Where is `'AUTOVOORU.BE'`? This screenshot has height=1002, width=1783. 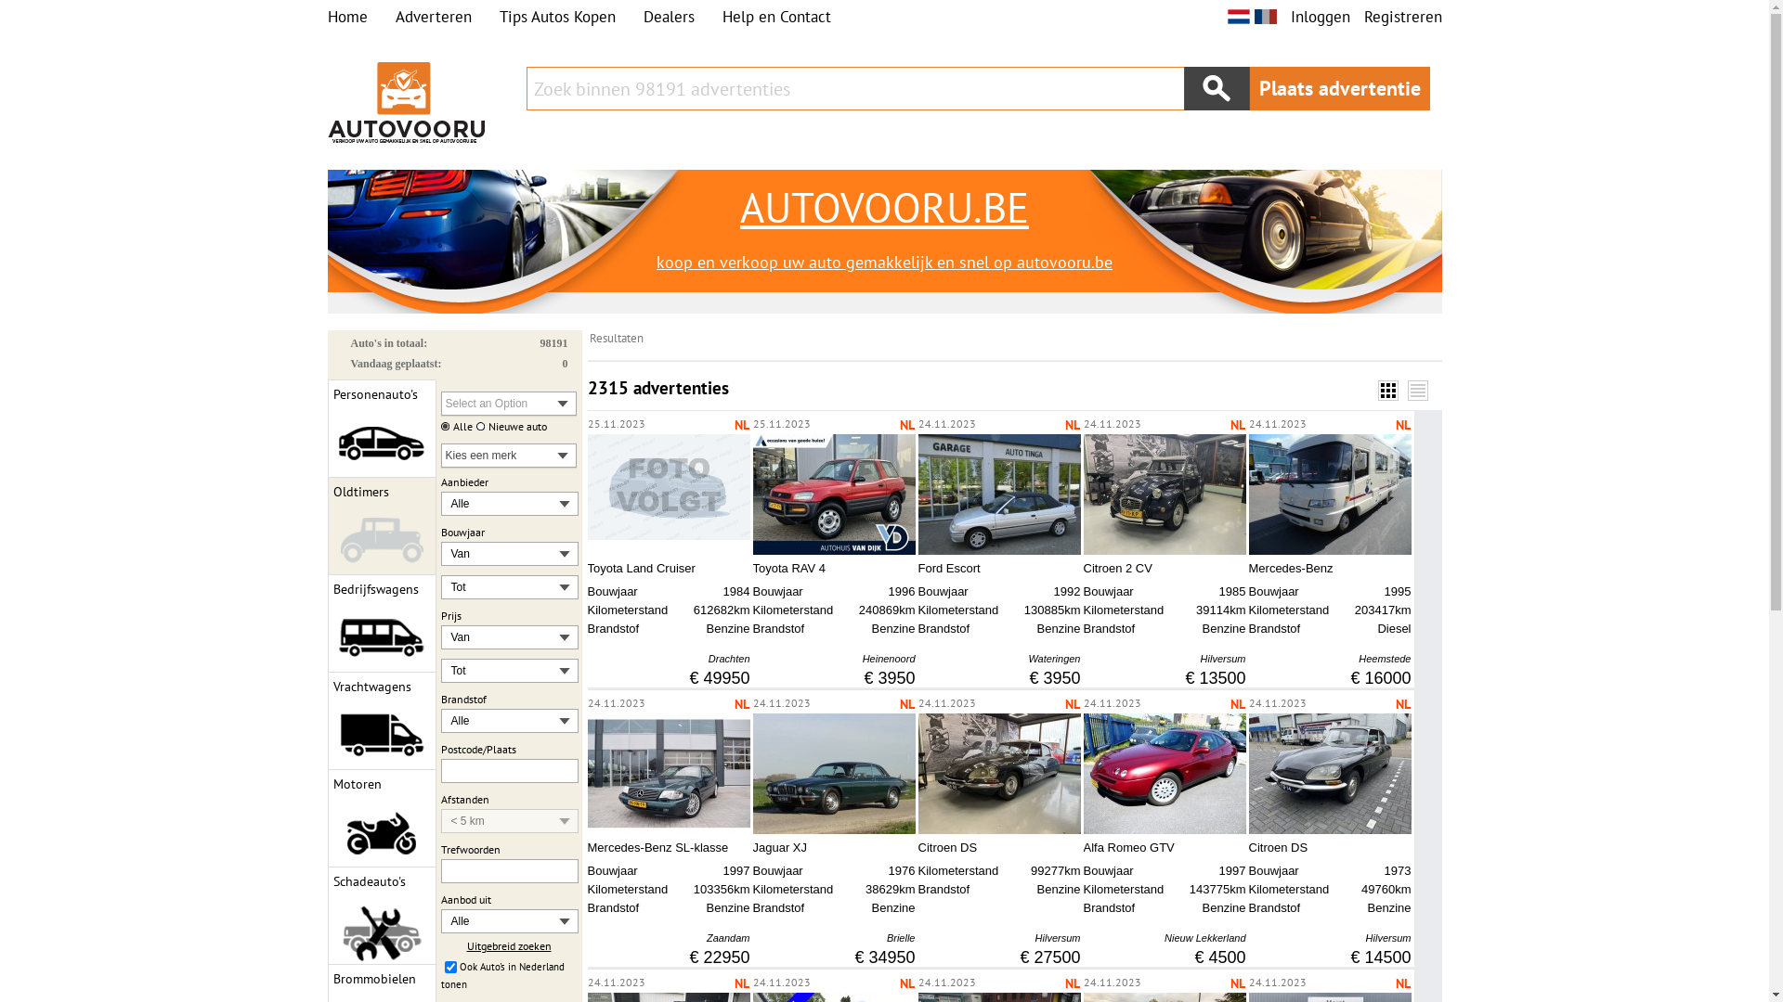
'AUTOVOORU.BE' is located at coordinates (882, 207).